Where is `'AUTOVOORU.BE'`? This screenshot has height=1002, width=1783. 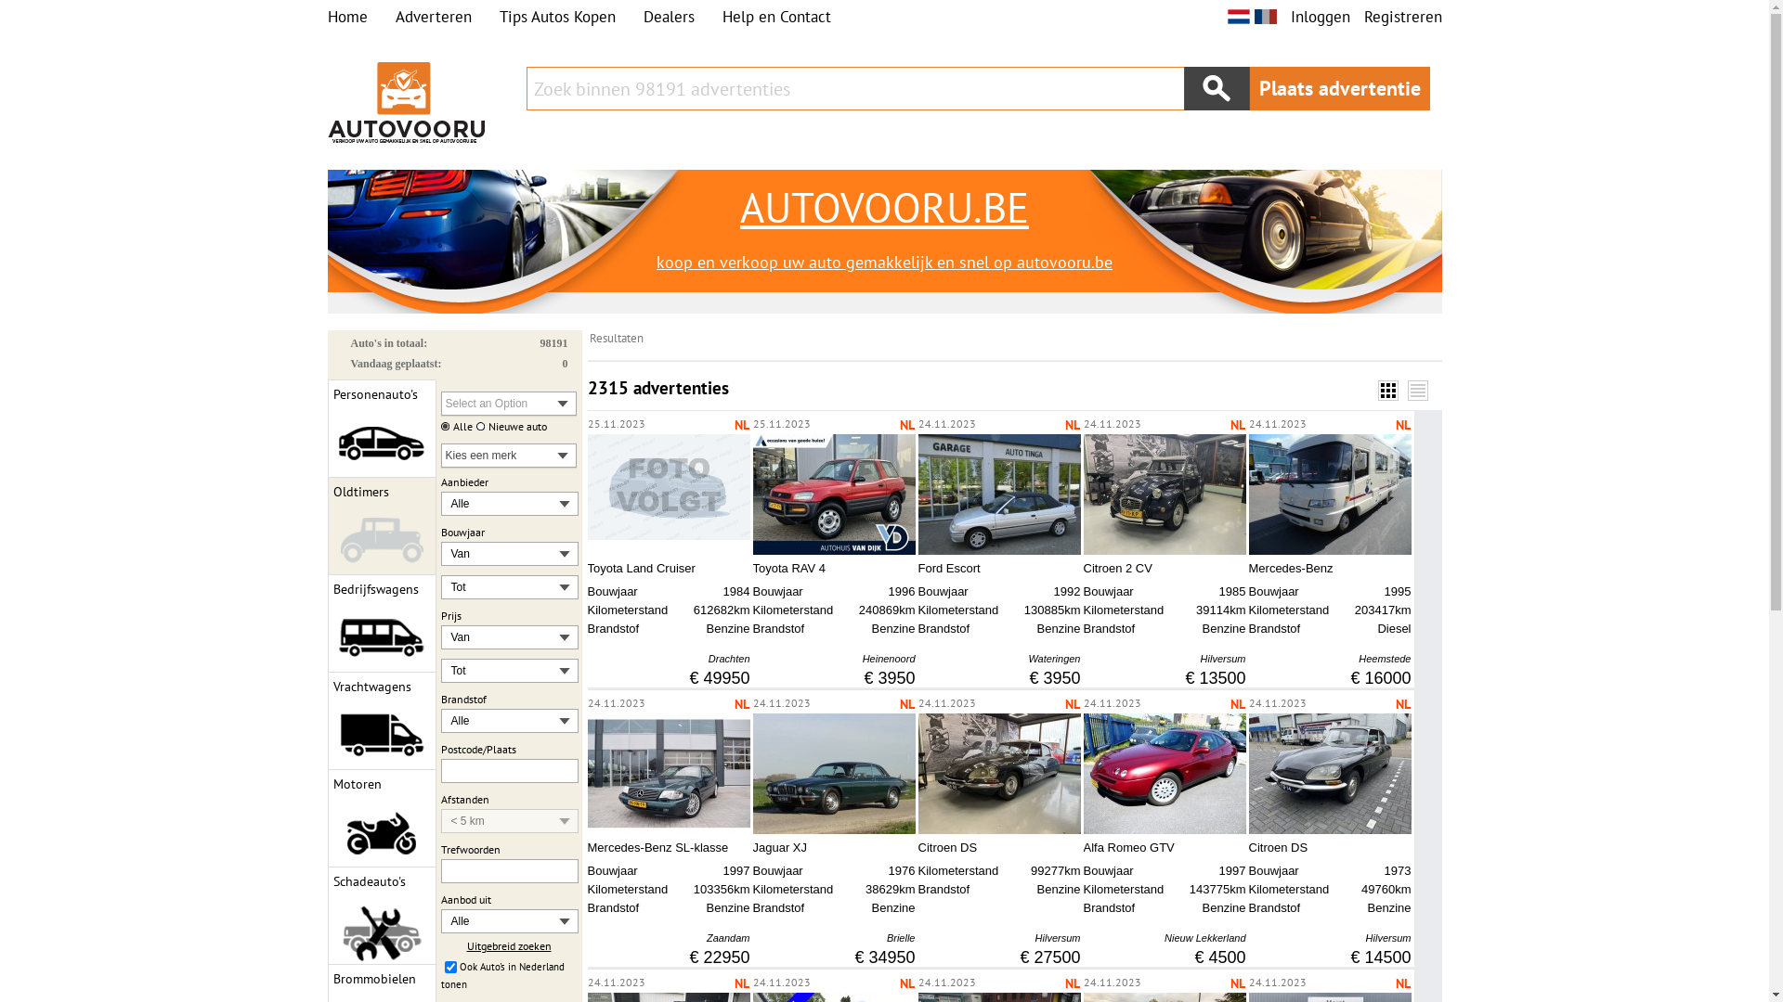
'AUTOVOORU.BE' is located at coordinates (882, 207).